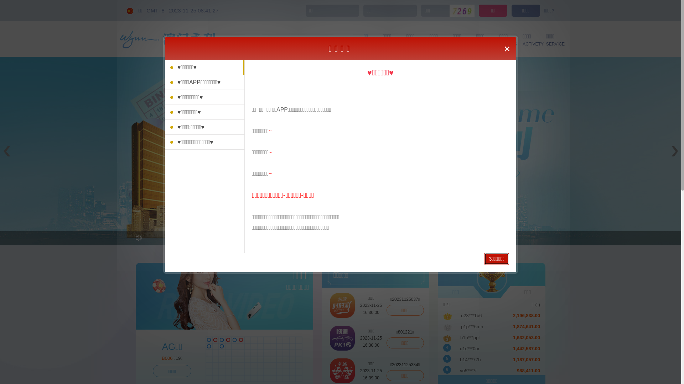  What do you see at coordinates (182, 10) in the screenshot?
I see `'GMT+8   2023-11-25 08:41:26'` at bounding box center [182, 10].